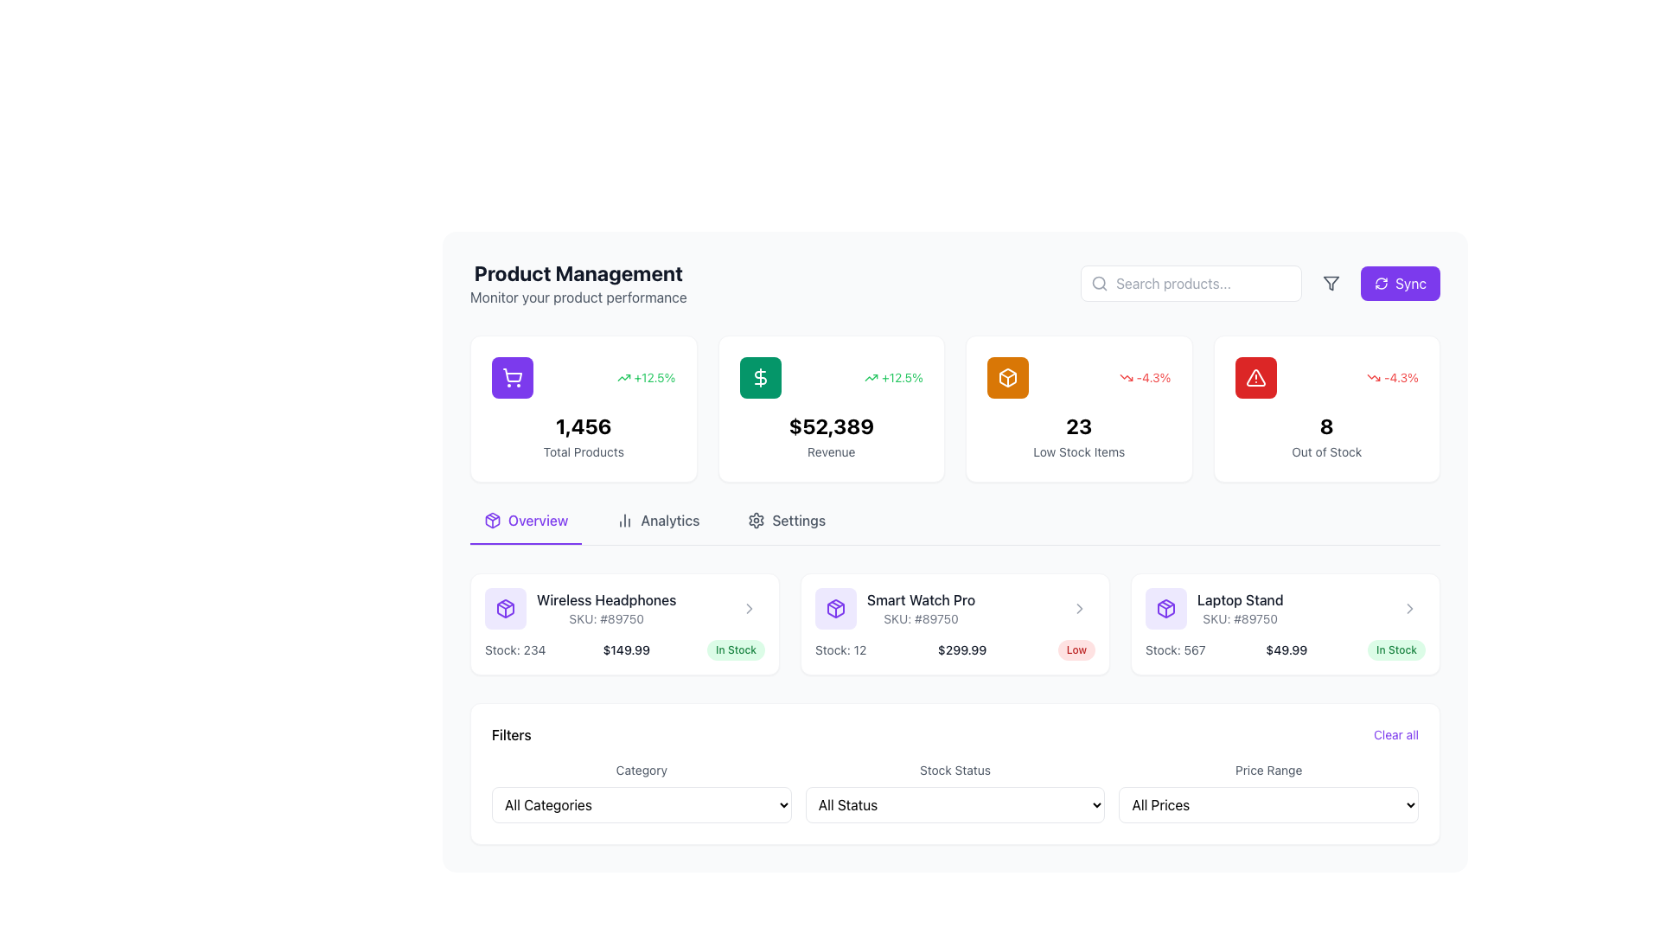  Describe the element at coordinates (584, 451) in the screenshot. I see `text from the 'Total Products' label, which is a gray text label located at the bottom of the first metric card displaying '1,456'` at that location.